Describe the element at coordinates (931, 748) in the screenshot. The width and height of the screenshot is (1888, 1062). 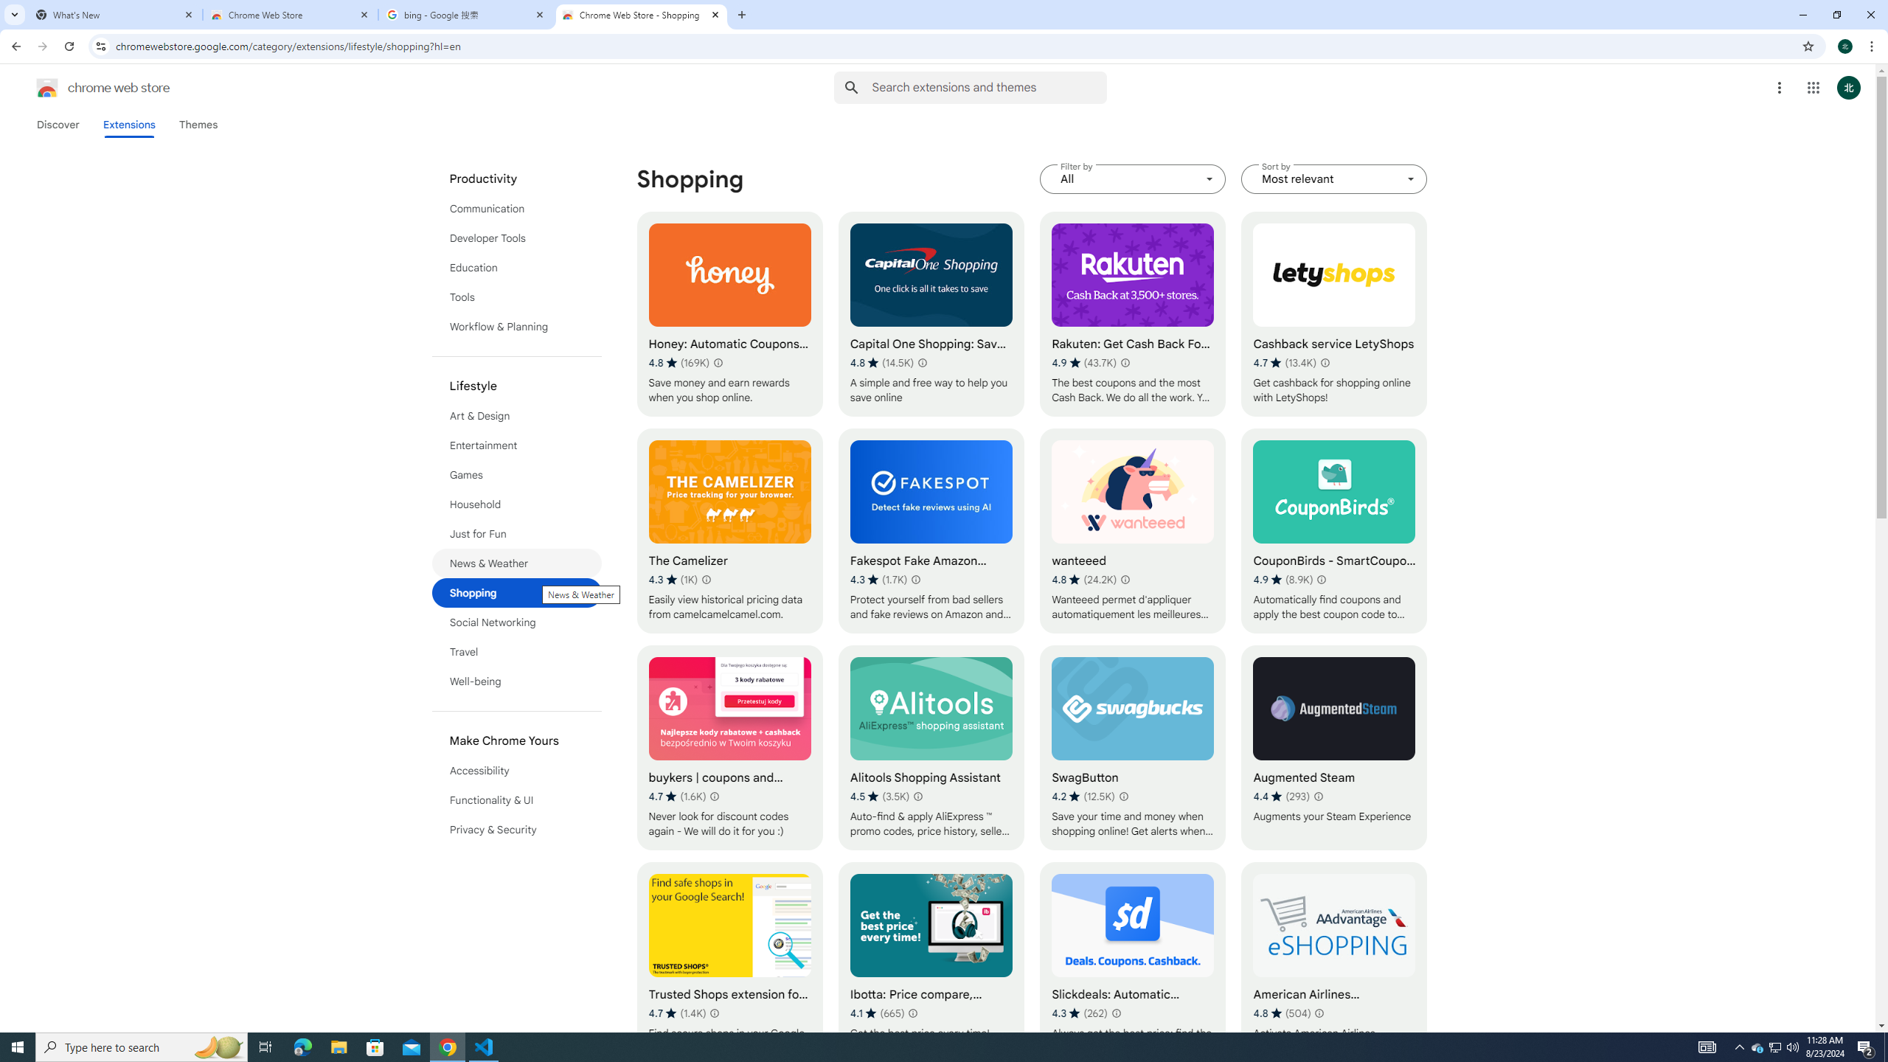
I see `'Alitools Shopping Assistant'` at that location.